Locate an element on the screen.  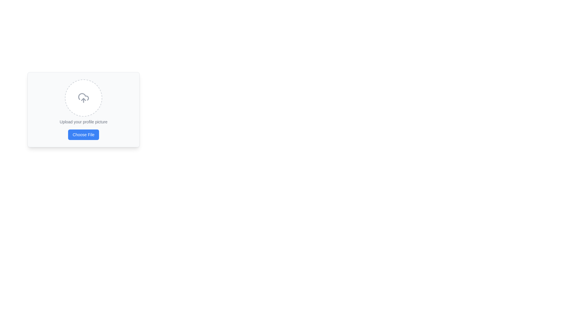
the circular image placeholder or upload indicator located at the center of the card containing the text 'Upload your profile picture' is located at coordinates (83, 97).